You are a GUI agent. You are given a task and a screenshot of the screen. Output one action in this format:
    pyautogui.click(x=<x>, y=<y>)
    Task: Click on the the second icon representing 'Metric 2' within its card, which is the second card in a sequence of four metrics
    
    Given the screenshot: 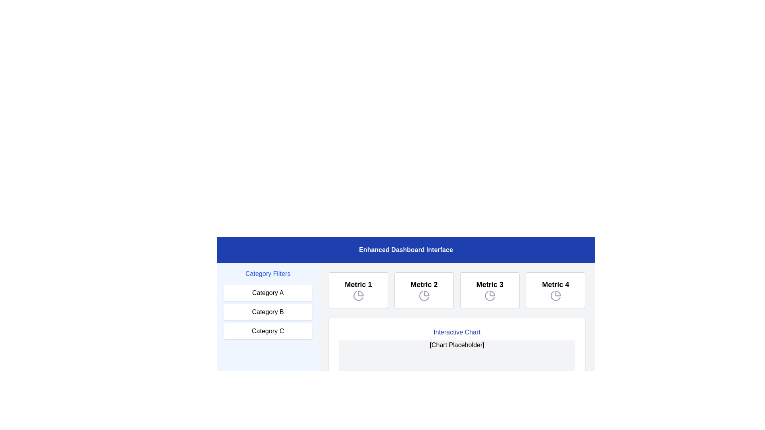 What is the action you would take?
    pyautogui.click(x=424, y=296)
    